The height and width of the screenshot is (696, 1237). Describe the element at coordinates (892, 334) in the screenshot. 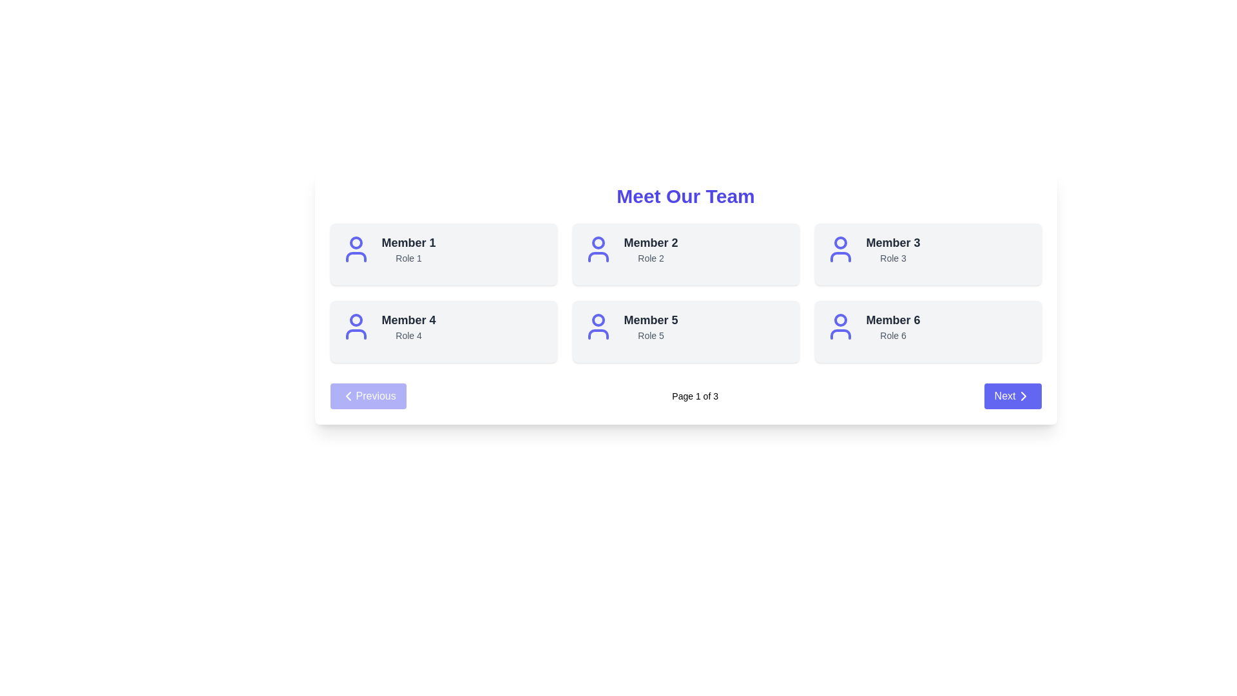

I see `the text label containing the phrase 'Role 6' which is styled in a small gray font and located in the lower section of the card titled 'Member 6'` at that location.